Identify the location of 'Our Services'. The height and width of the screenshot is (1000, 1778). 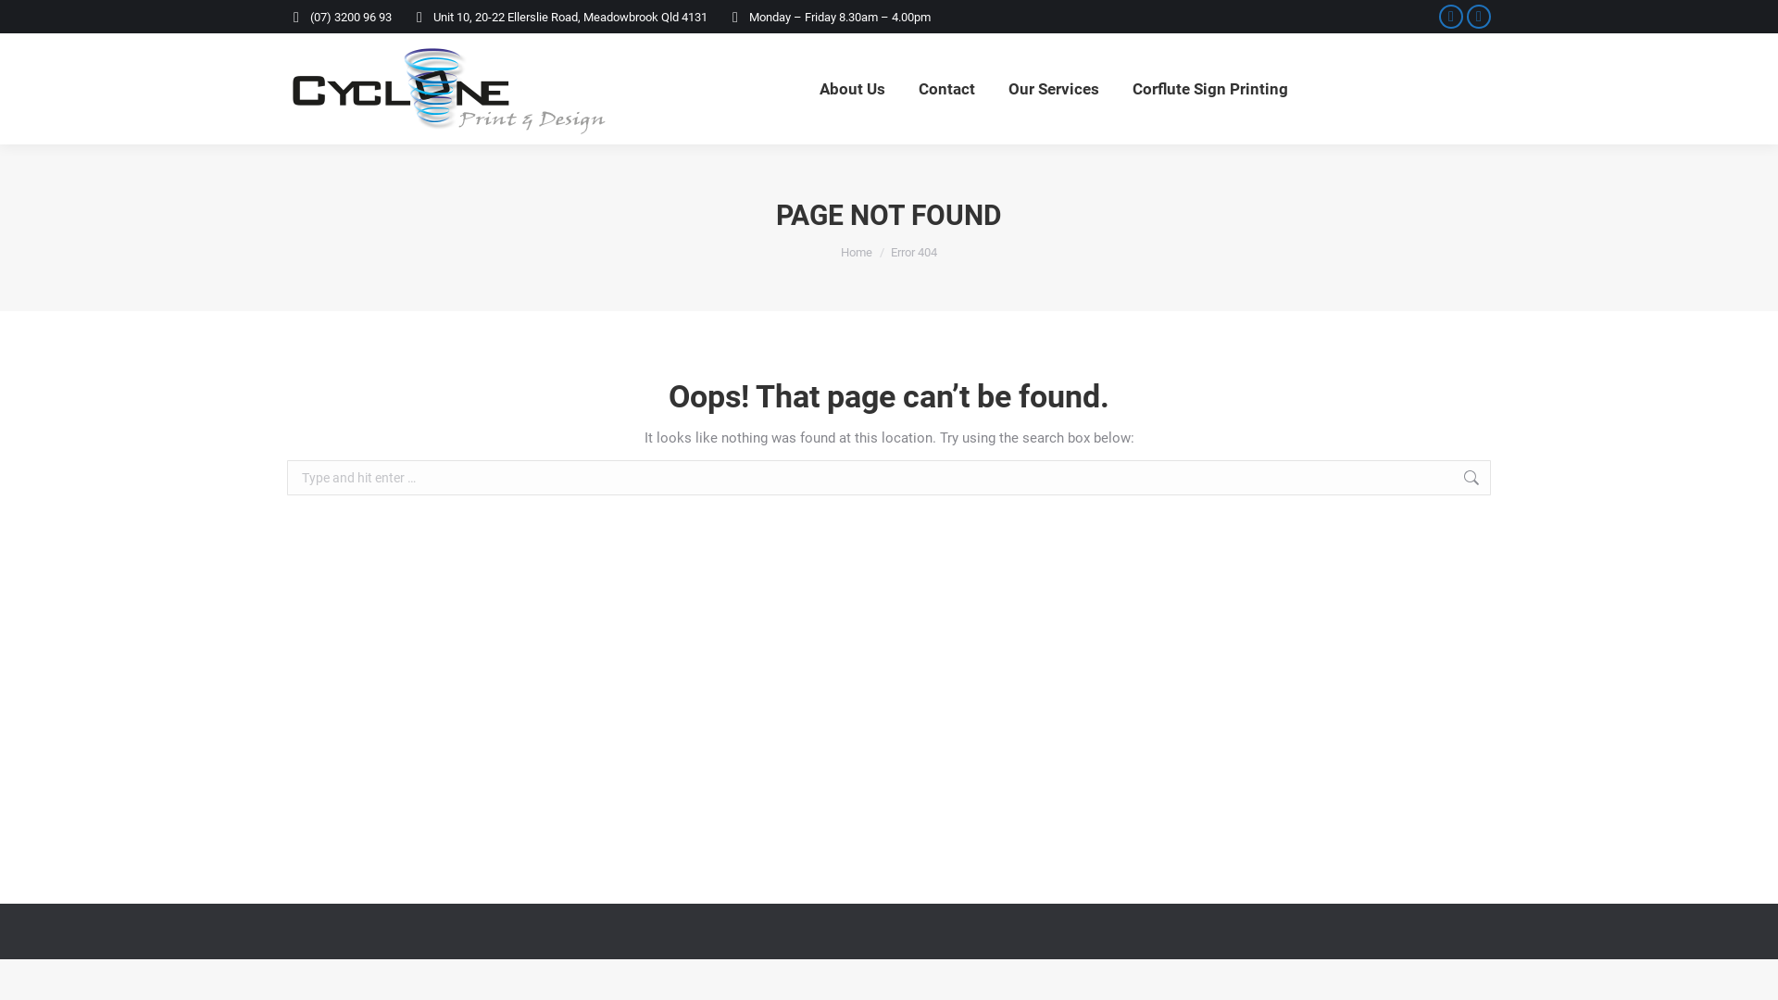
(1053, 89).